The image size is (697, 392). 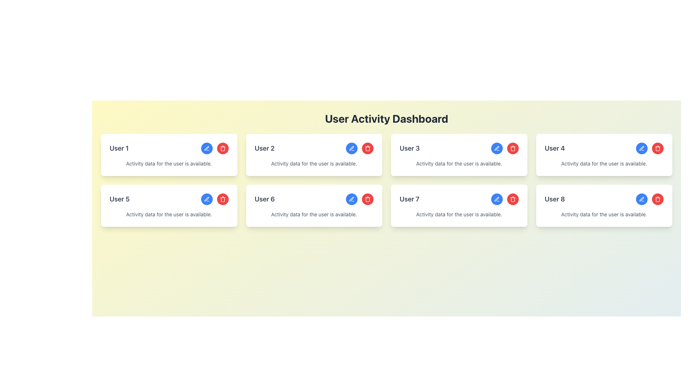 I want to click on the Text label that identifies the user in the fourth user information card, located in the upper-right section of the interface, above the description text and to the left of the interactive blue (pen icon) and red (trash icon) buttons, so click(x=554, y=148).